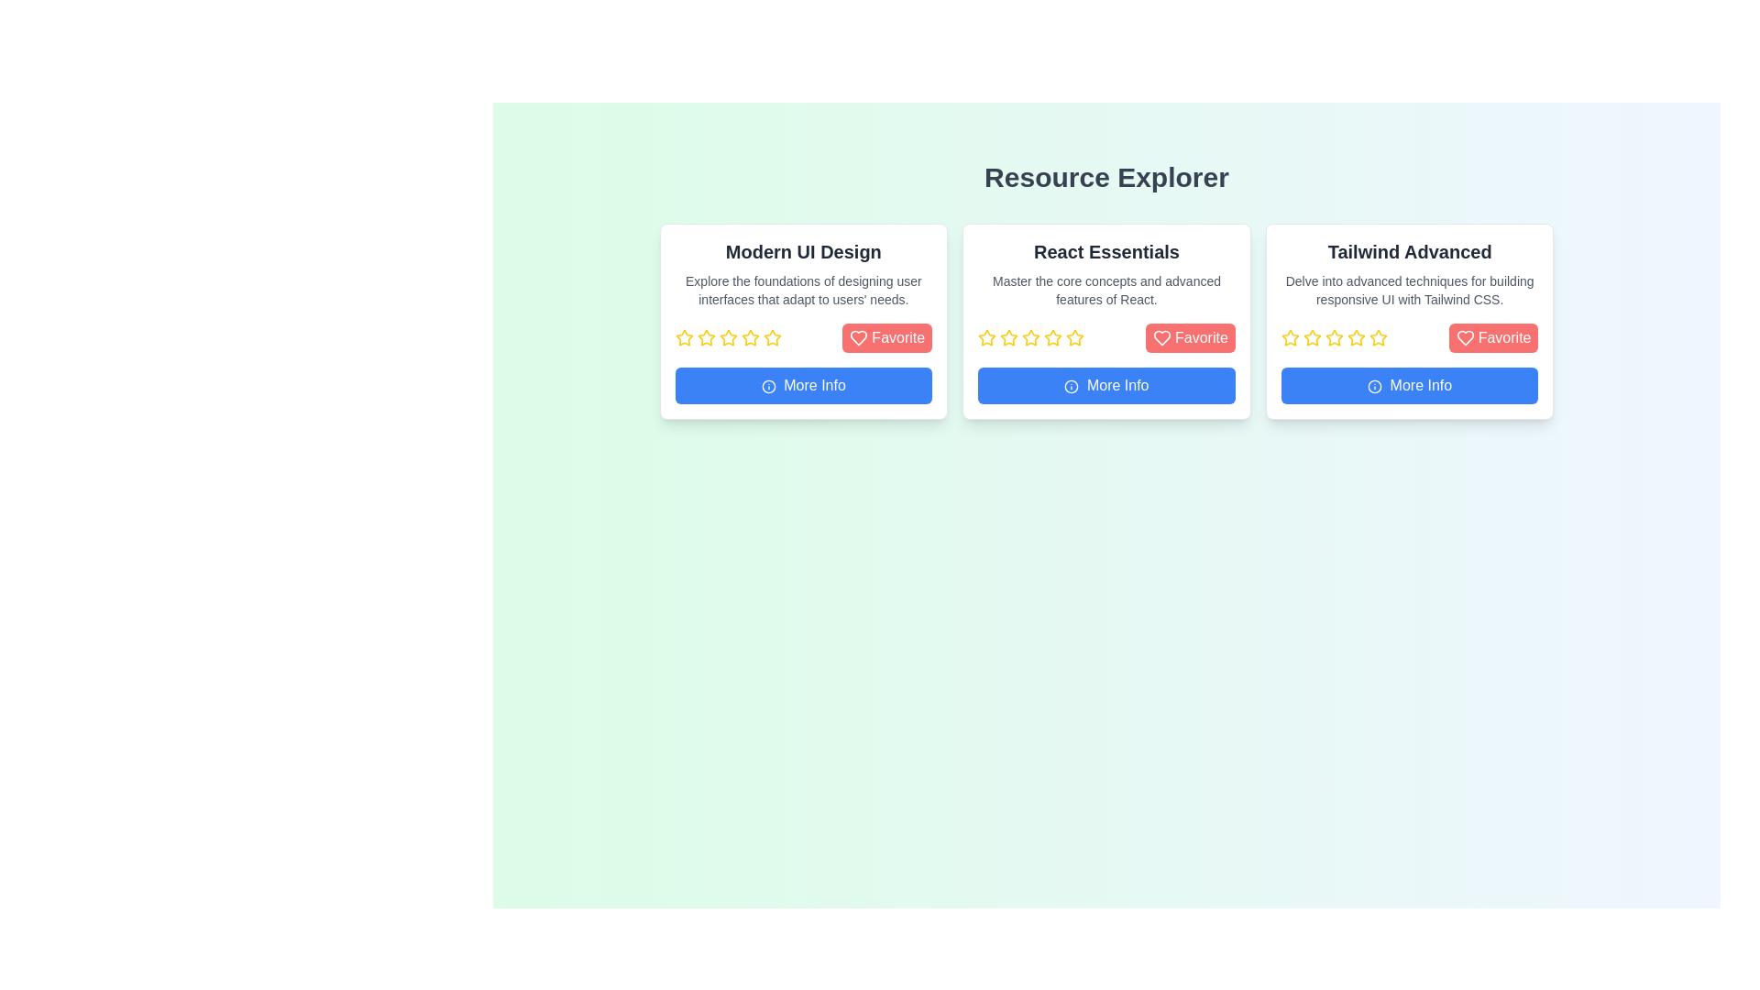 This screenshot has width=1760, height=990. I want to click on the heart-shaped icon with a red color fill located in the second card under the 'Resource Explorer' section, so click(858, 338).